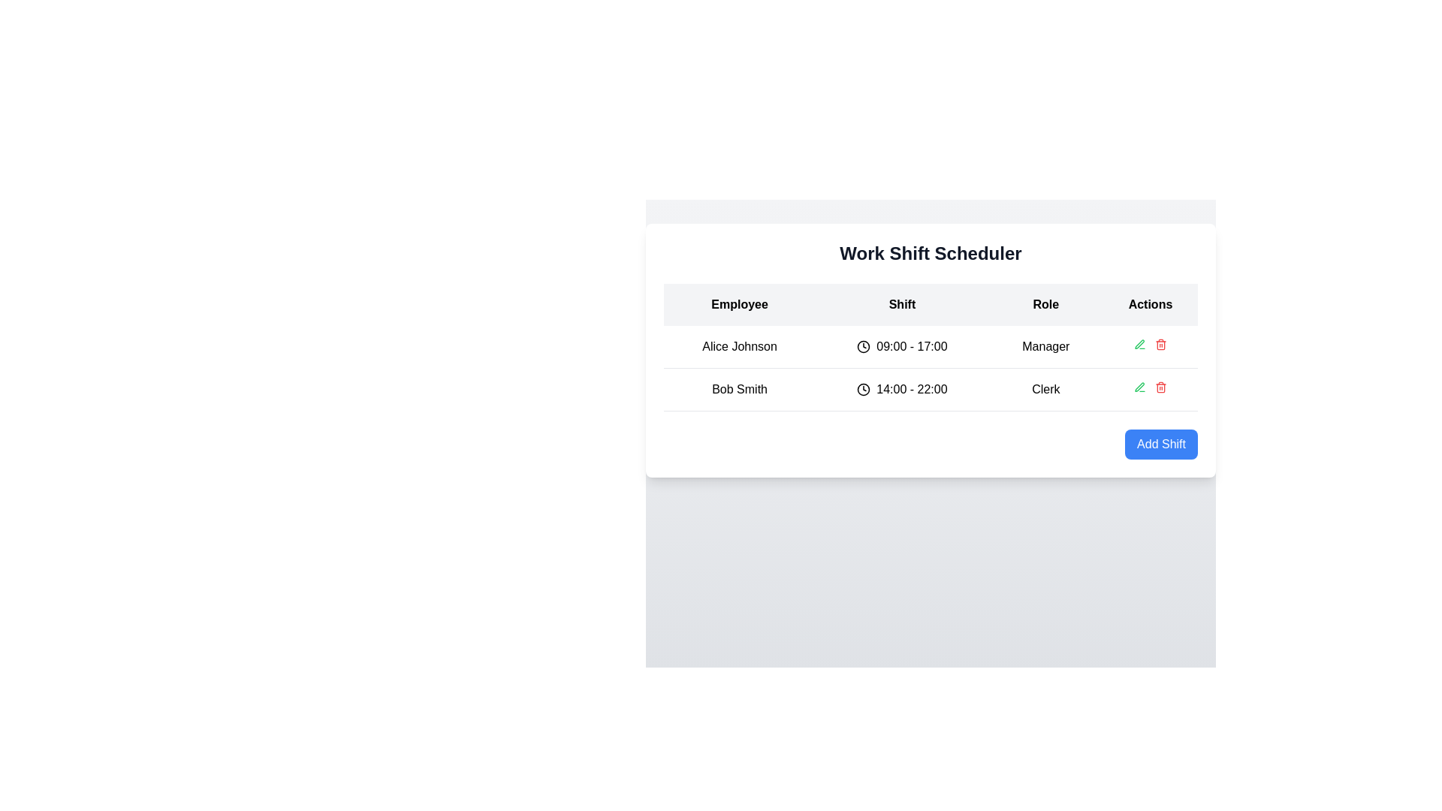 This screenshot has height=811, width=1442. What do you see at coordinates (1149, 304) in the screenshot?
I see `the text label 'Actions' which is styled in bold black font on a light gray background, located in the header row of a table` at bounding box center [1149, 304].